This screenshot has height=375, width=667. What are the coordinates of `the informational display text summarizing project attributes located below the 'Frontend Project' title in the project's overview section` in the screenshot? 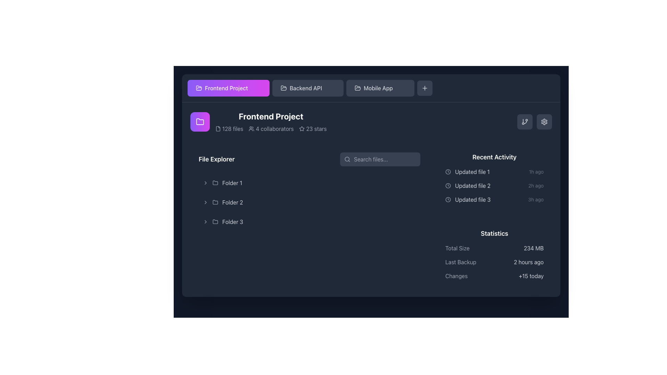 It's located at (271, 128).